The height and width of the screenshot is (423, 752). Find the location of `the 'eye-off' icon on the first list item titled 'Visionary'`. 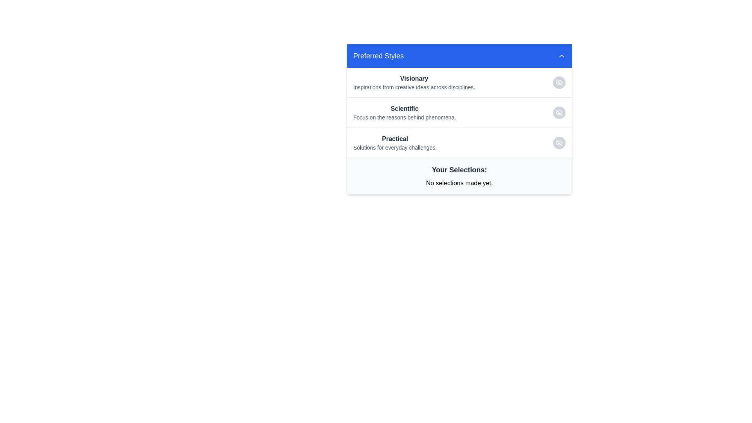

the 'eye-off' icon on the first list item titled 'Visionary' is located at coordinates (459, 83).